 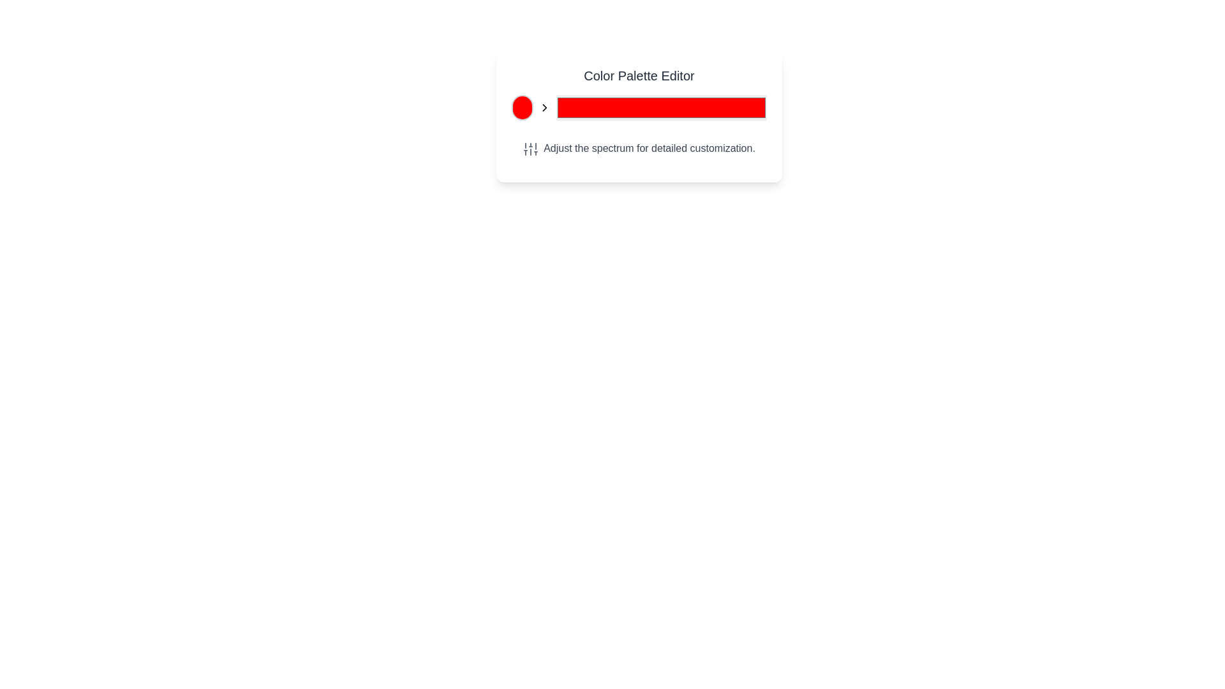 I want to click on the Text Label with Accompanying Icon located in the bottom section of the 'Color Palette Editor' card, positioned below the red color picker input field, so click(x=639, y=147).